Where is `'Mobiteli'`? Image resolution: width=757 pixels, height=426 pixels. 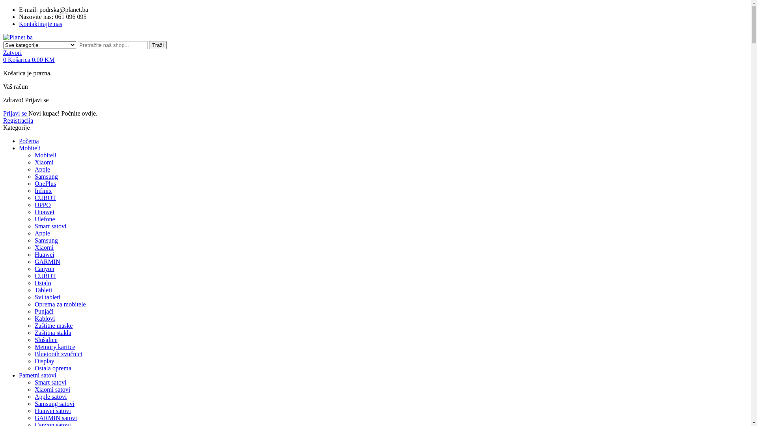 'Mobiteli' is located at coordinates (34, 155).